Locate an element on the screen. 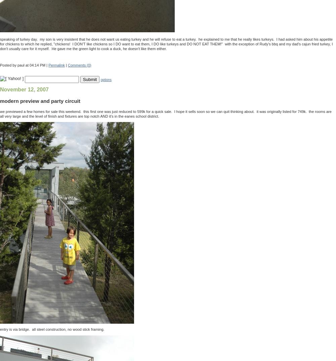 This screenshot has width=336, height=361. 'options' is located at coordinates (106, 79).